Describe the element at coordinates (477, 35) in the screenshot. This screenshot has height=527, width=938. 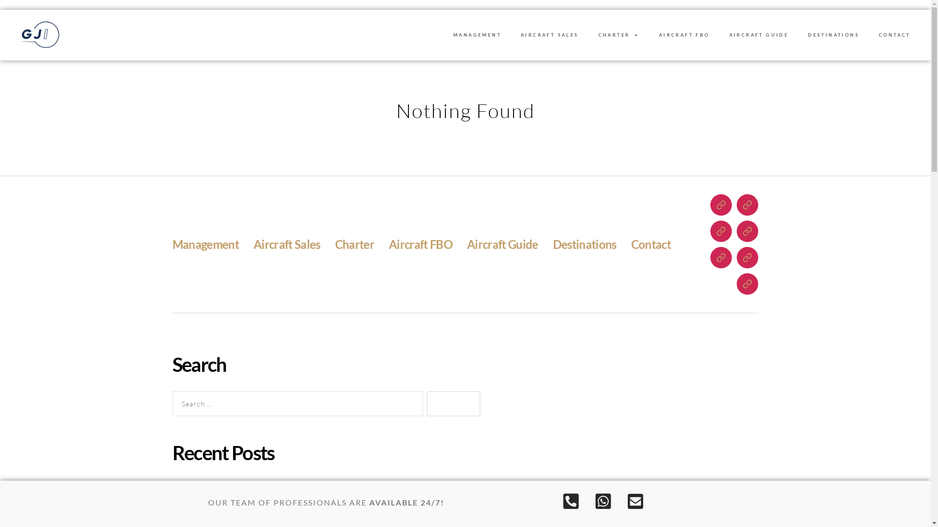
I see `'MANAGEMENT'` at that location.